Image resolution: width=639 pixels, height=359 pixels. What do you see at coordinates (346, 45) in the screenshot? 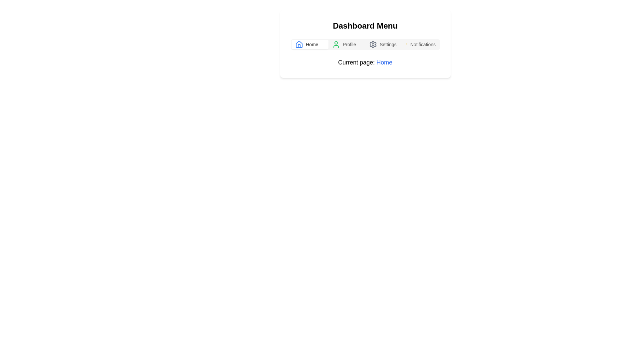
I see `the 'Profile' segmented control tab, which displays a user icon colored green and is the second item in the segmented control bar` at bounding box center [346, 45].